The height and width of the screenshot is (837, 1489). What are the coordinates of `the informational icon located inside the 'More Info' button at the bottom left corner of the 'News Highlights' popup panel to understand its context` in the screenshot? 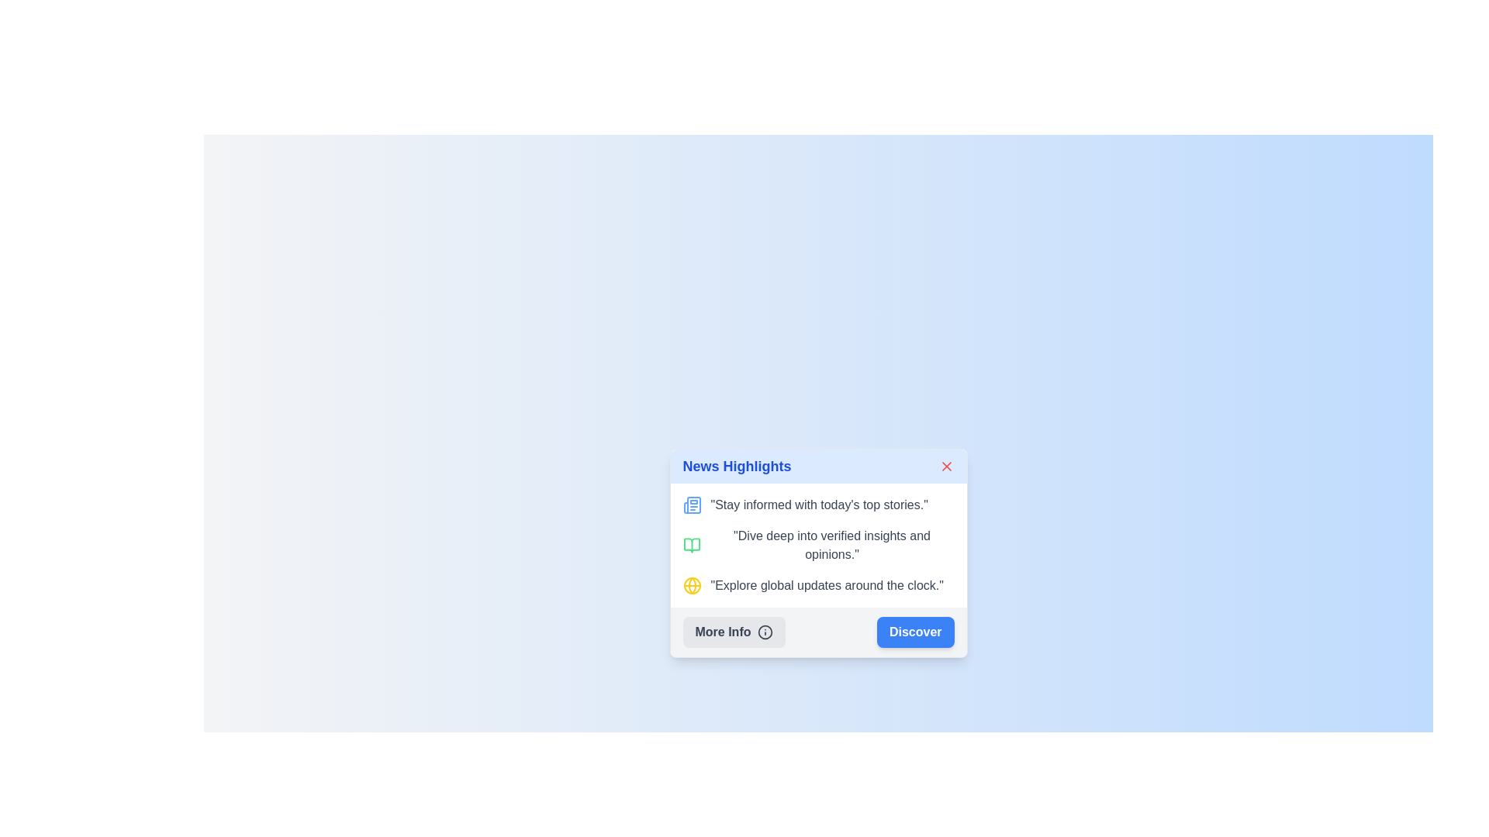 It's located at (765, 632).